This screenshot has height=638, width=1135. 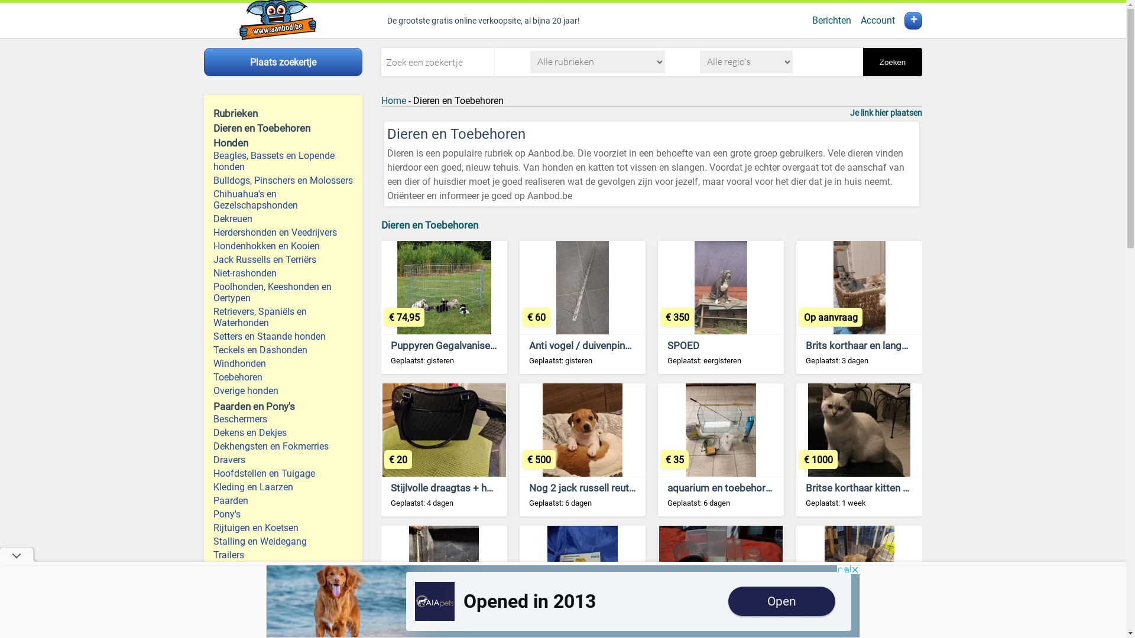 I want to click on 'Puppyren Gegalvaniseerd 154x91cm', so click(x=391, y=344).